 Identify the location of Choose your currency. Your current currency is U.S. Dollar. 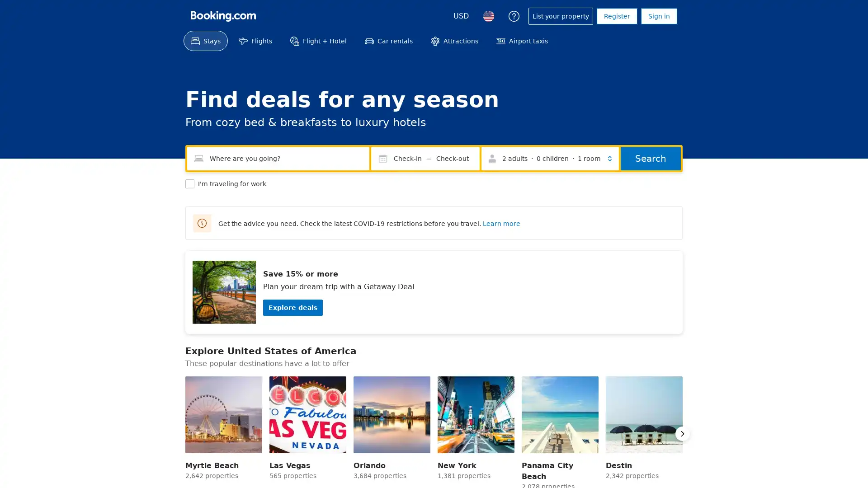
(461, 16).